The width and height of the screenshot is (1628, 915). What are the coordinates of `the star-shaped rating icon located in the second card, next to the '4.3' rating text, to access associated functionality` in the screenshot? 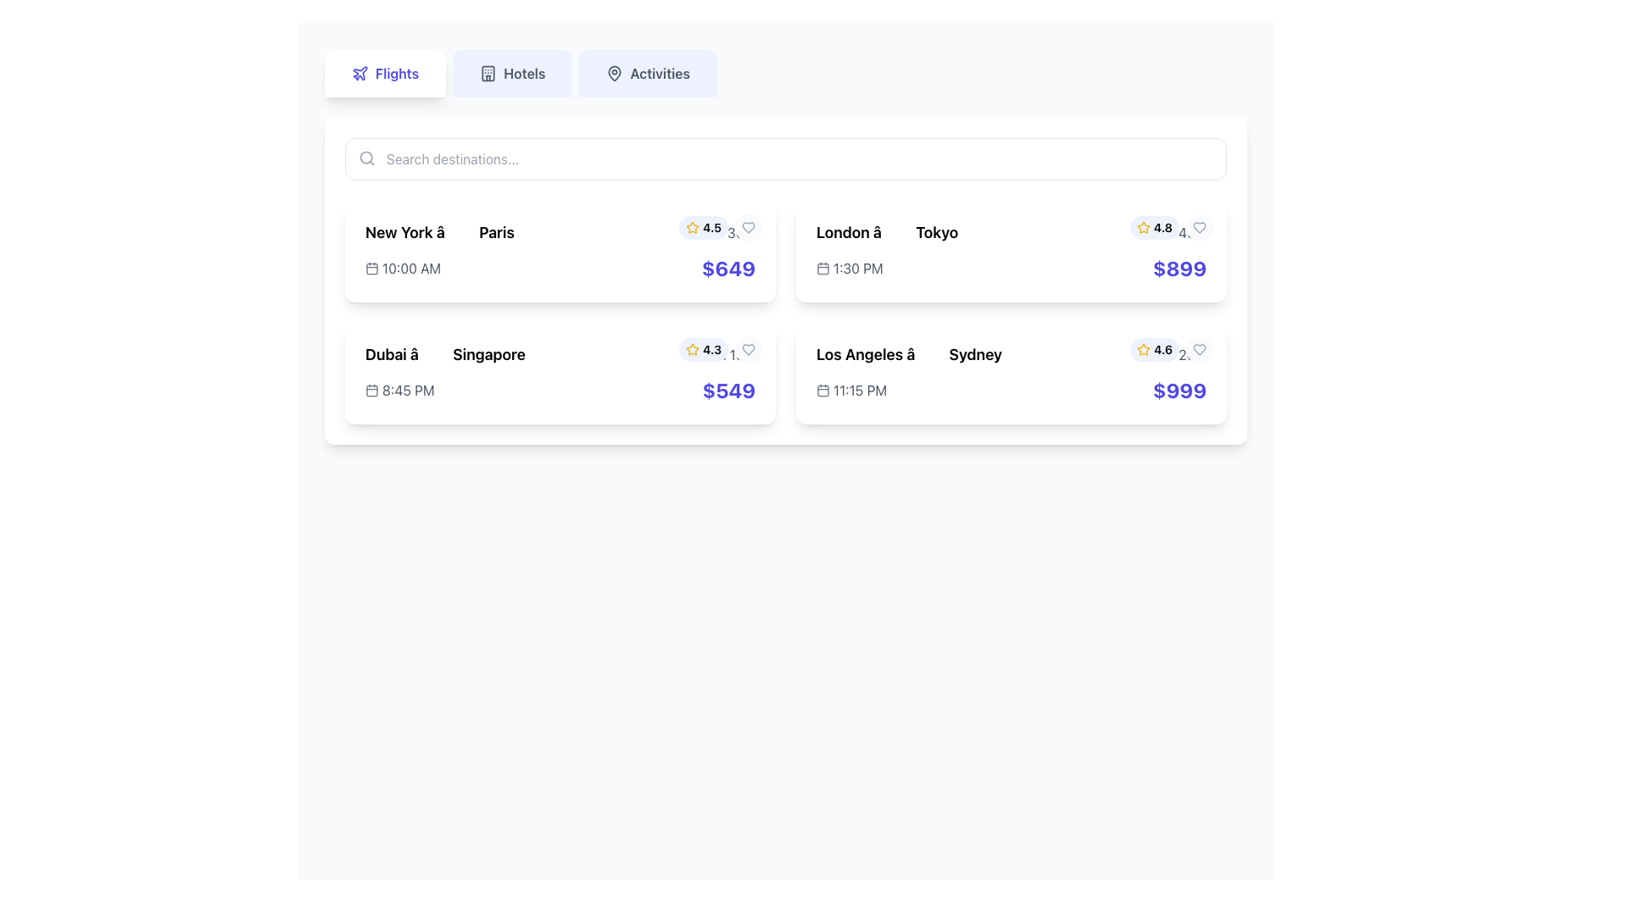 It's located at (693, 226).